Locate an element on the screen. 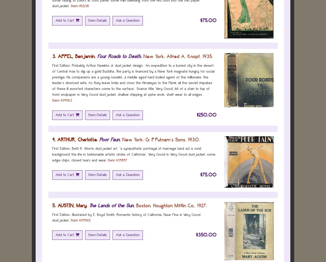 The image size is (326, 262). 'AUSTIN, Mary.' is located at coordinates (58, 205).